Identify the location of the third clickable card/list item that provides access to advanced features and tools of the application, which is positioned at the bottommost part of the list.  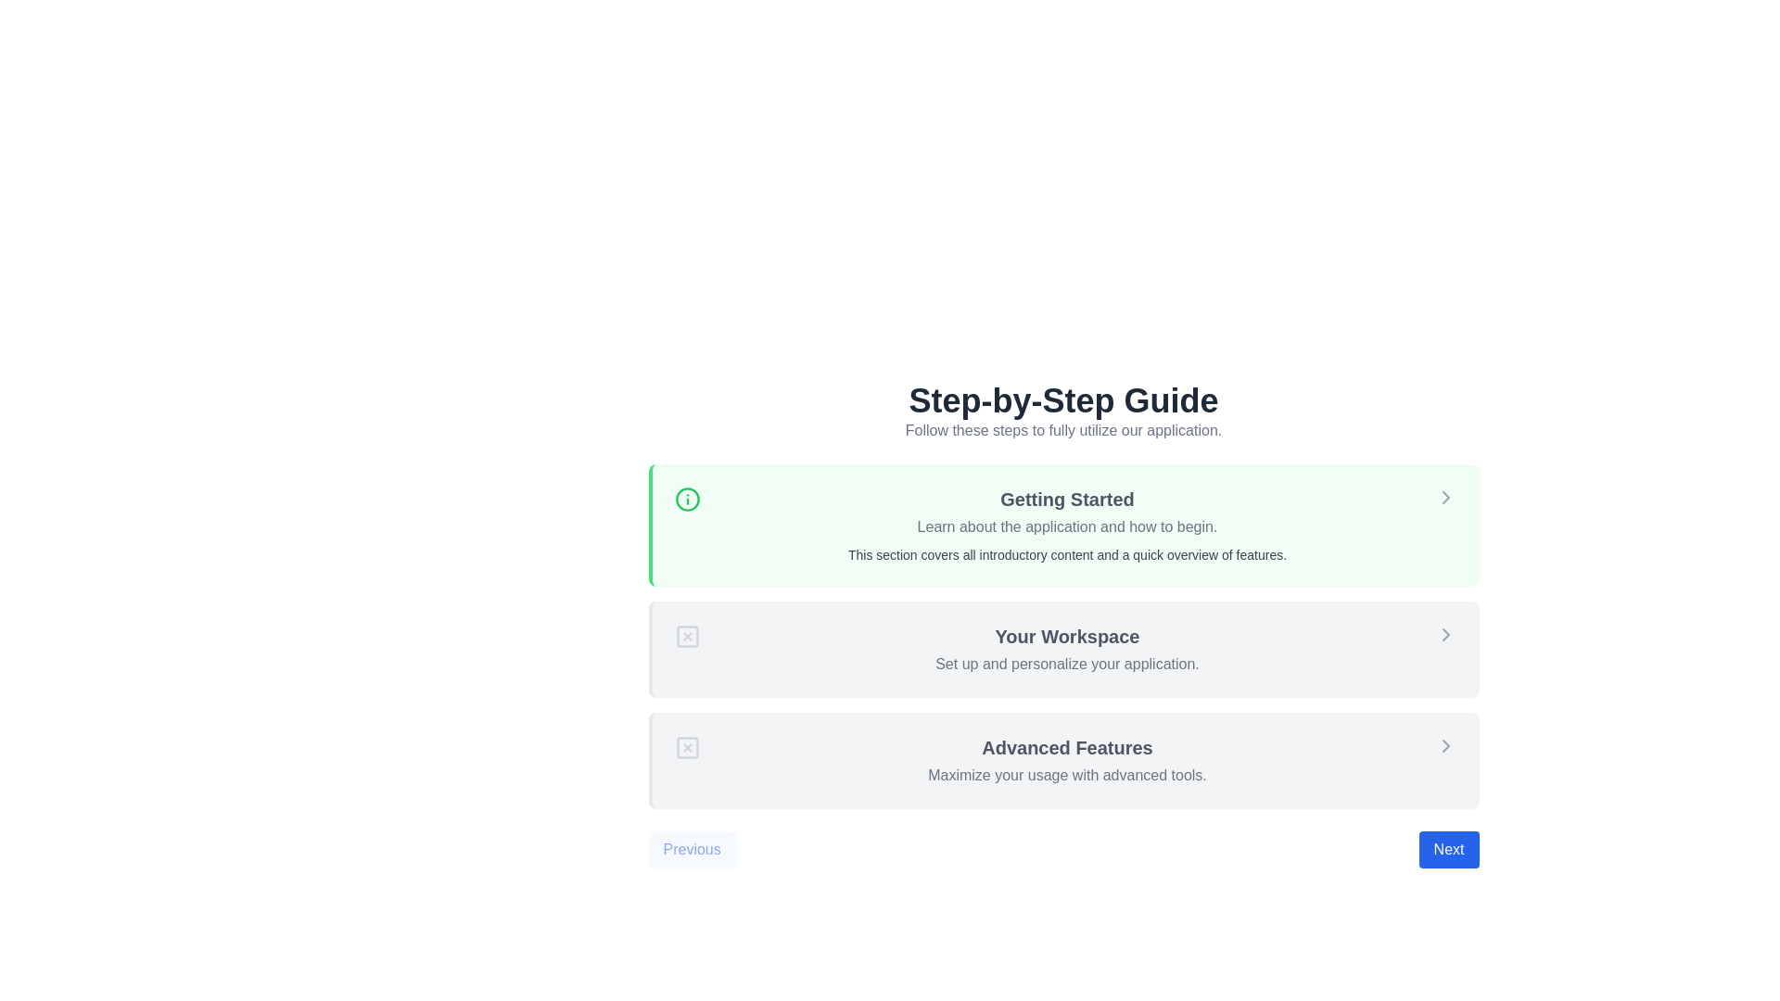
(1063, 761).